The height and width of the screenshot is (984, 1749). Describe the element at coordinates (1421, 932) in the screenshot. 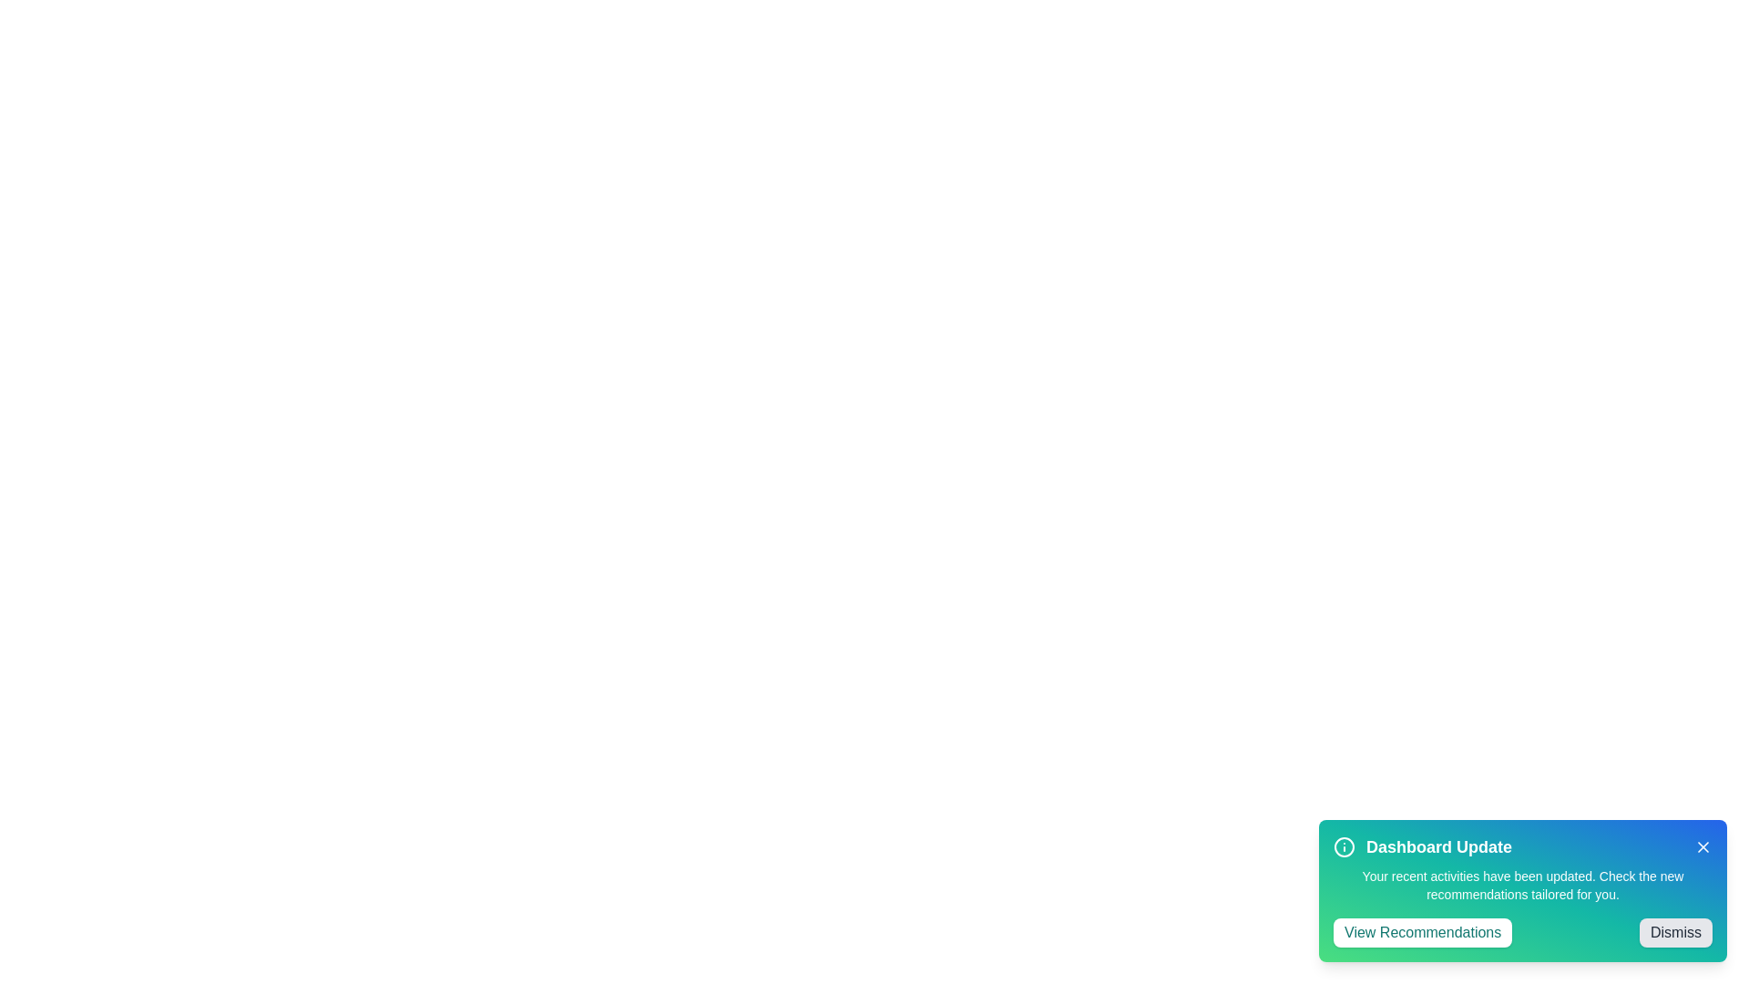

I see `'View Recommendations' button` at that location.